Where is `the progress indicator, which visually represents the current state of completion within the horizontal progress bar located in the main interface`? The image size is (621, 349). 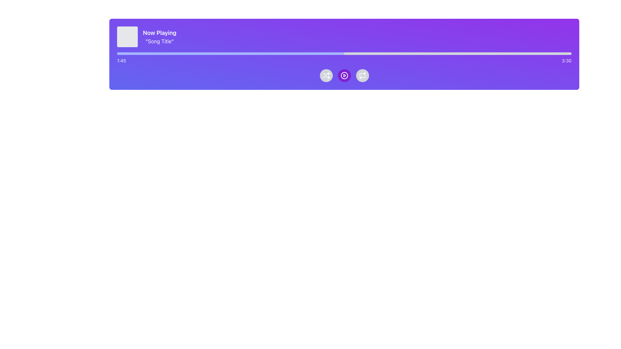 the progress indicator, which visually represents the current state of completion within the horizontal progress bar located in the main interface is located at coordinates (231, 53).